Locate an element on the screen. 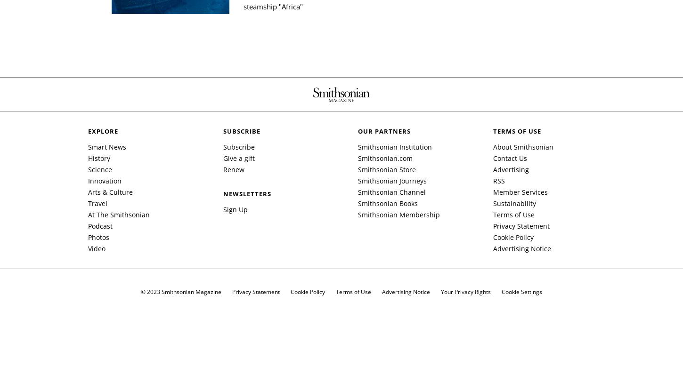 Image resolution: width=683 pixels, height=366 pixels. 'Smart News' is located at coordinates (88, 146).